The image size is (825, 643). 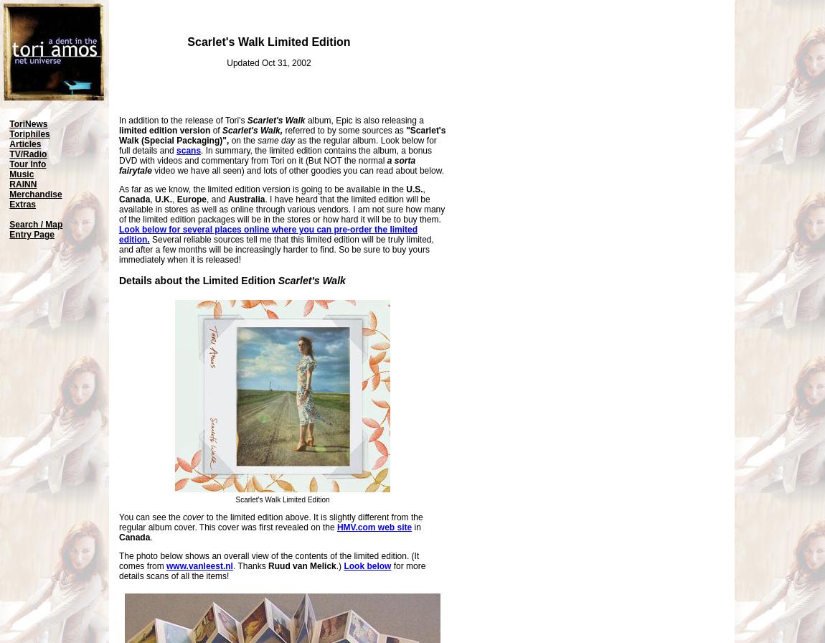 I want to click on 'for more details scans of all the items!', so click(x=118, y=571).